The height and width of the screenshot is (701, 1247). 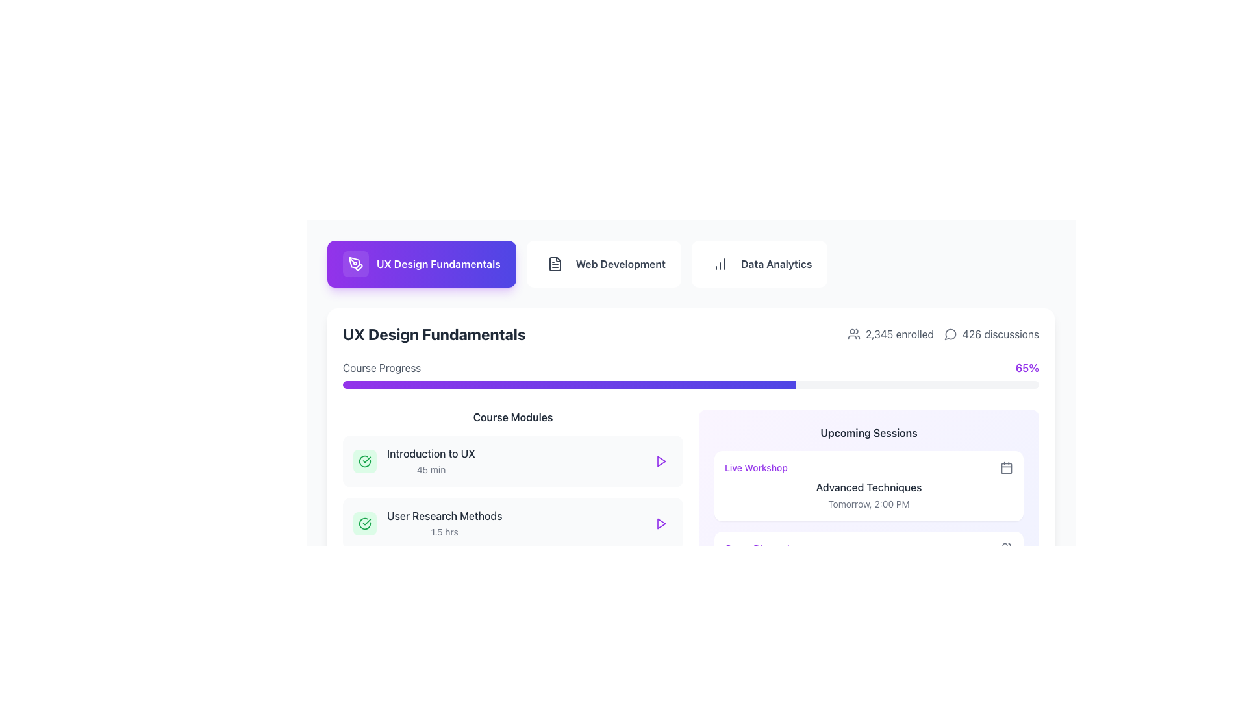 What do you see at coordinates (355, 264) in the screenshot?
I see `the pen tool icon located within the rounded square button near the title 'UX Design Fundamentals'` at bounding box center [355, 264].